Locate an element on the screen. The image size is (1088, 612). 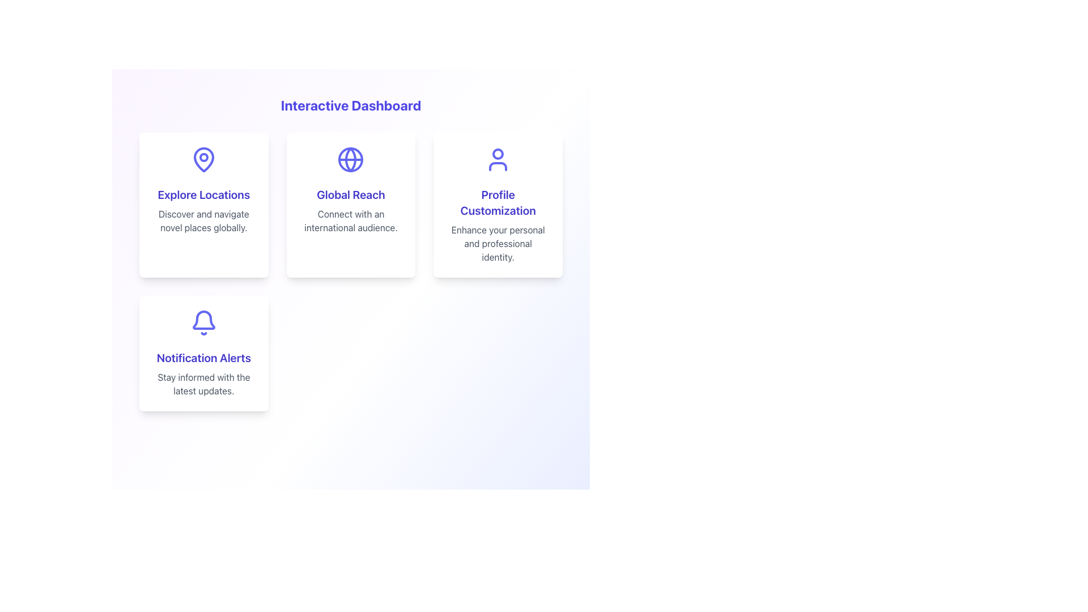
static text element that displays 'Discover and navigate novel places globally.' It is located in a card below the heading 'Explore Locations.' is located at coordinates (203, 220).